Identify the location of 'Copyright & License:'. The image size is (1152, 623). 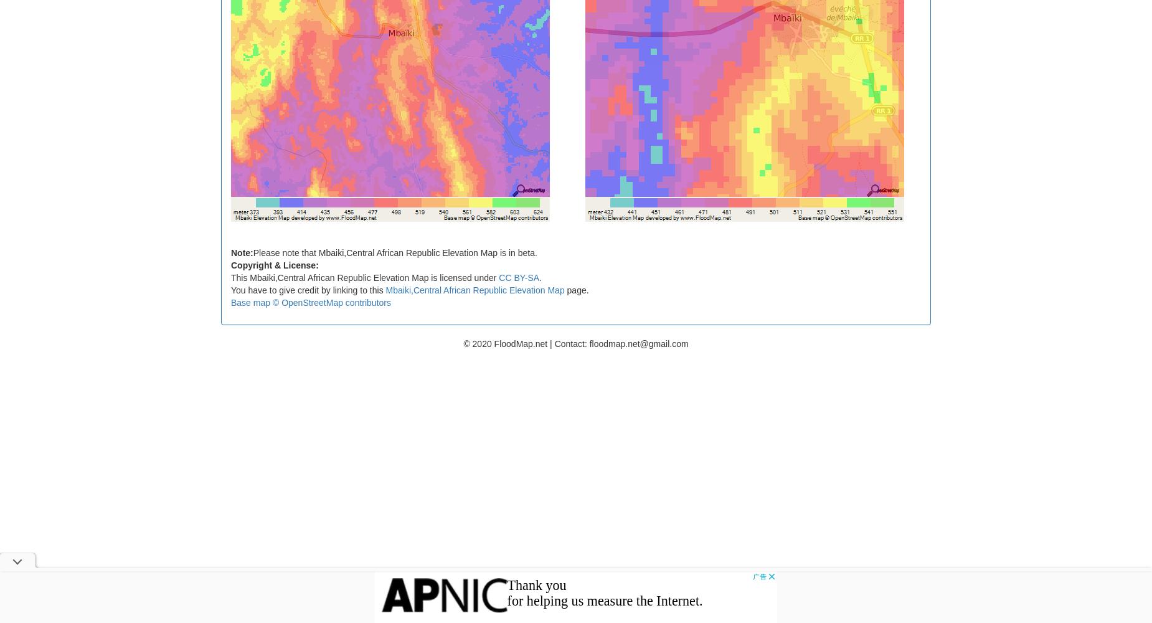
(230, 265).